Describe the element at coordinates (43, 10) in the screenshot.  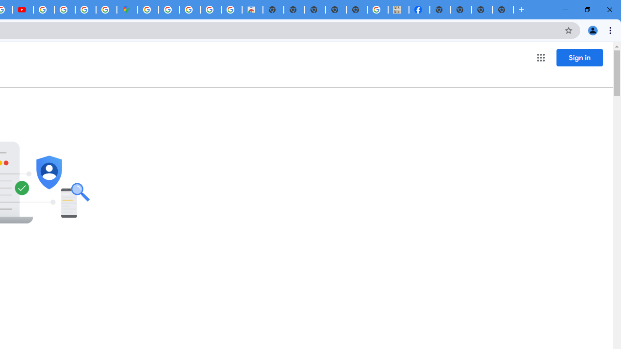
I see `'How Chrome protects your passwords - Google Chrome Help'` at that location.